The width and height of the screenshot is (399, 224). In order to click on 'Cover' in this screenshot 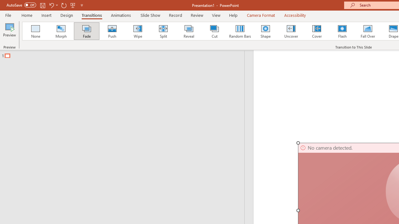, I will do `click(317, 31)`.